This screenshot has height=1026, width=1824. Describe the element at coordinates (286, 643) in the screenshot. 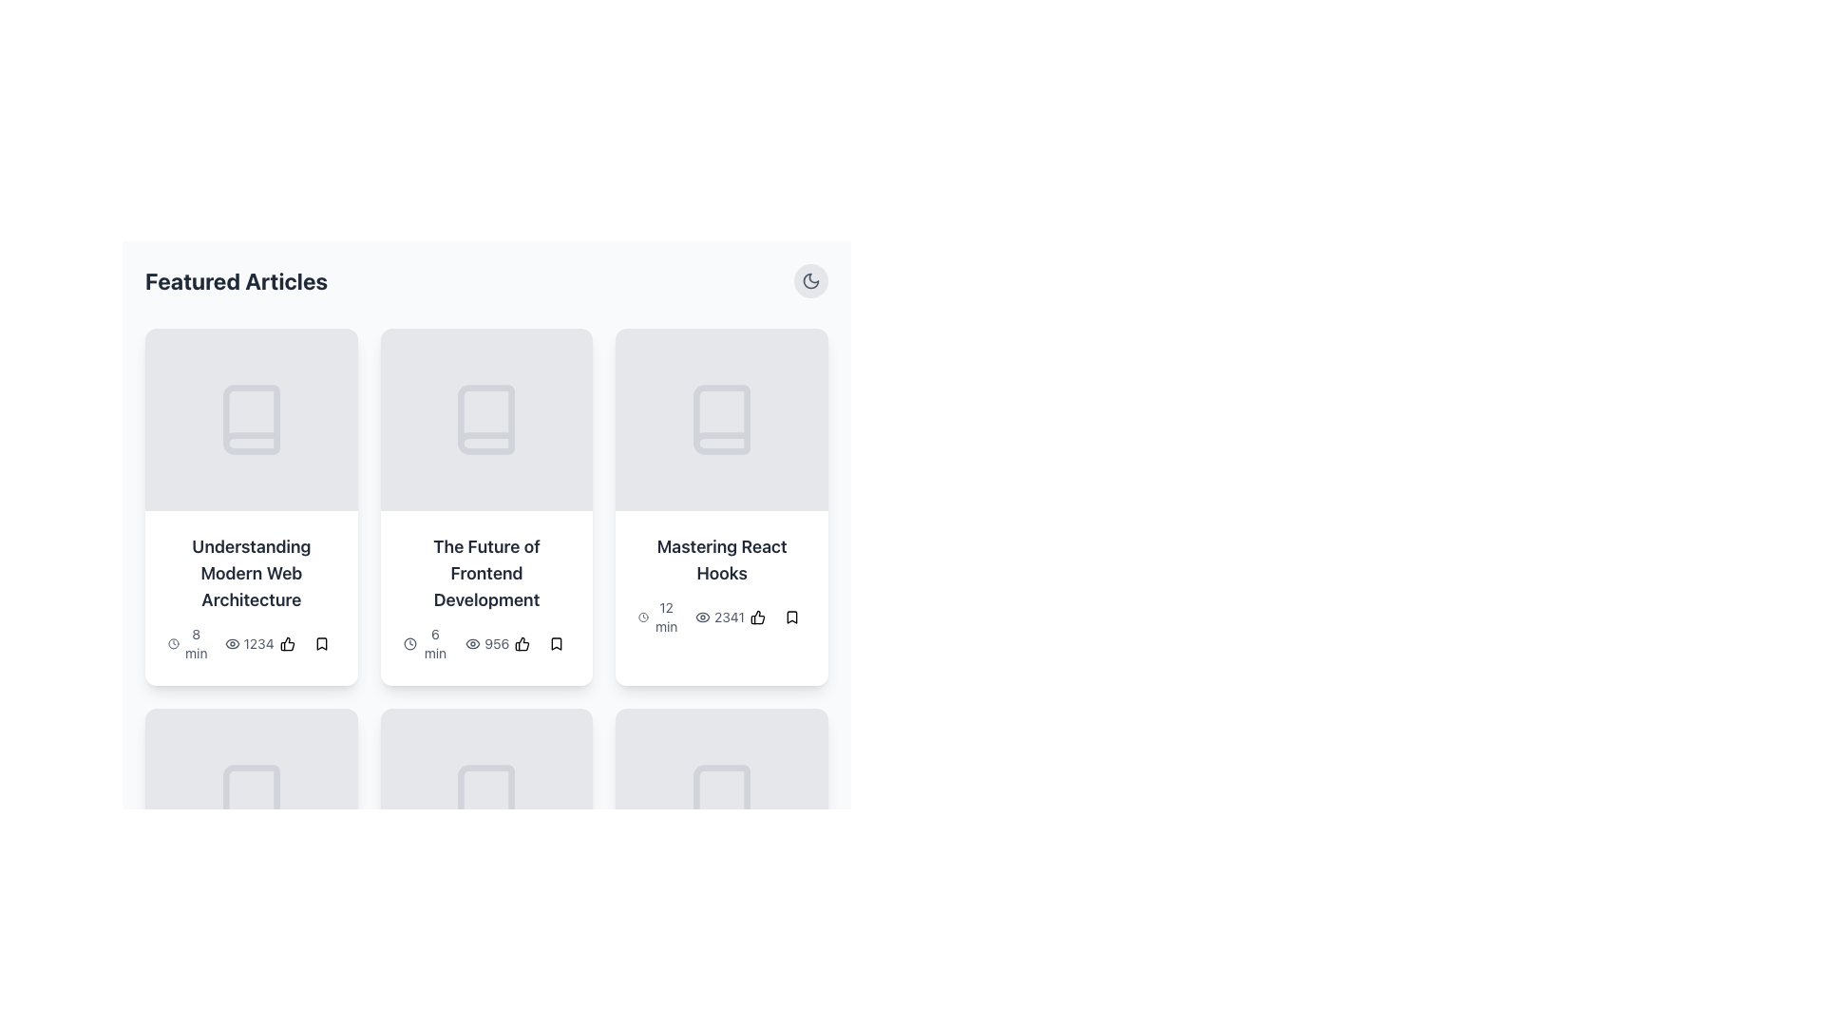

I see `the thumbs-up icon located in the lower right area of the first article card to register a like` at that location.